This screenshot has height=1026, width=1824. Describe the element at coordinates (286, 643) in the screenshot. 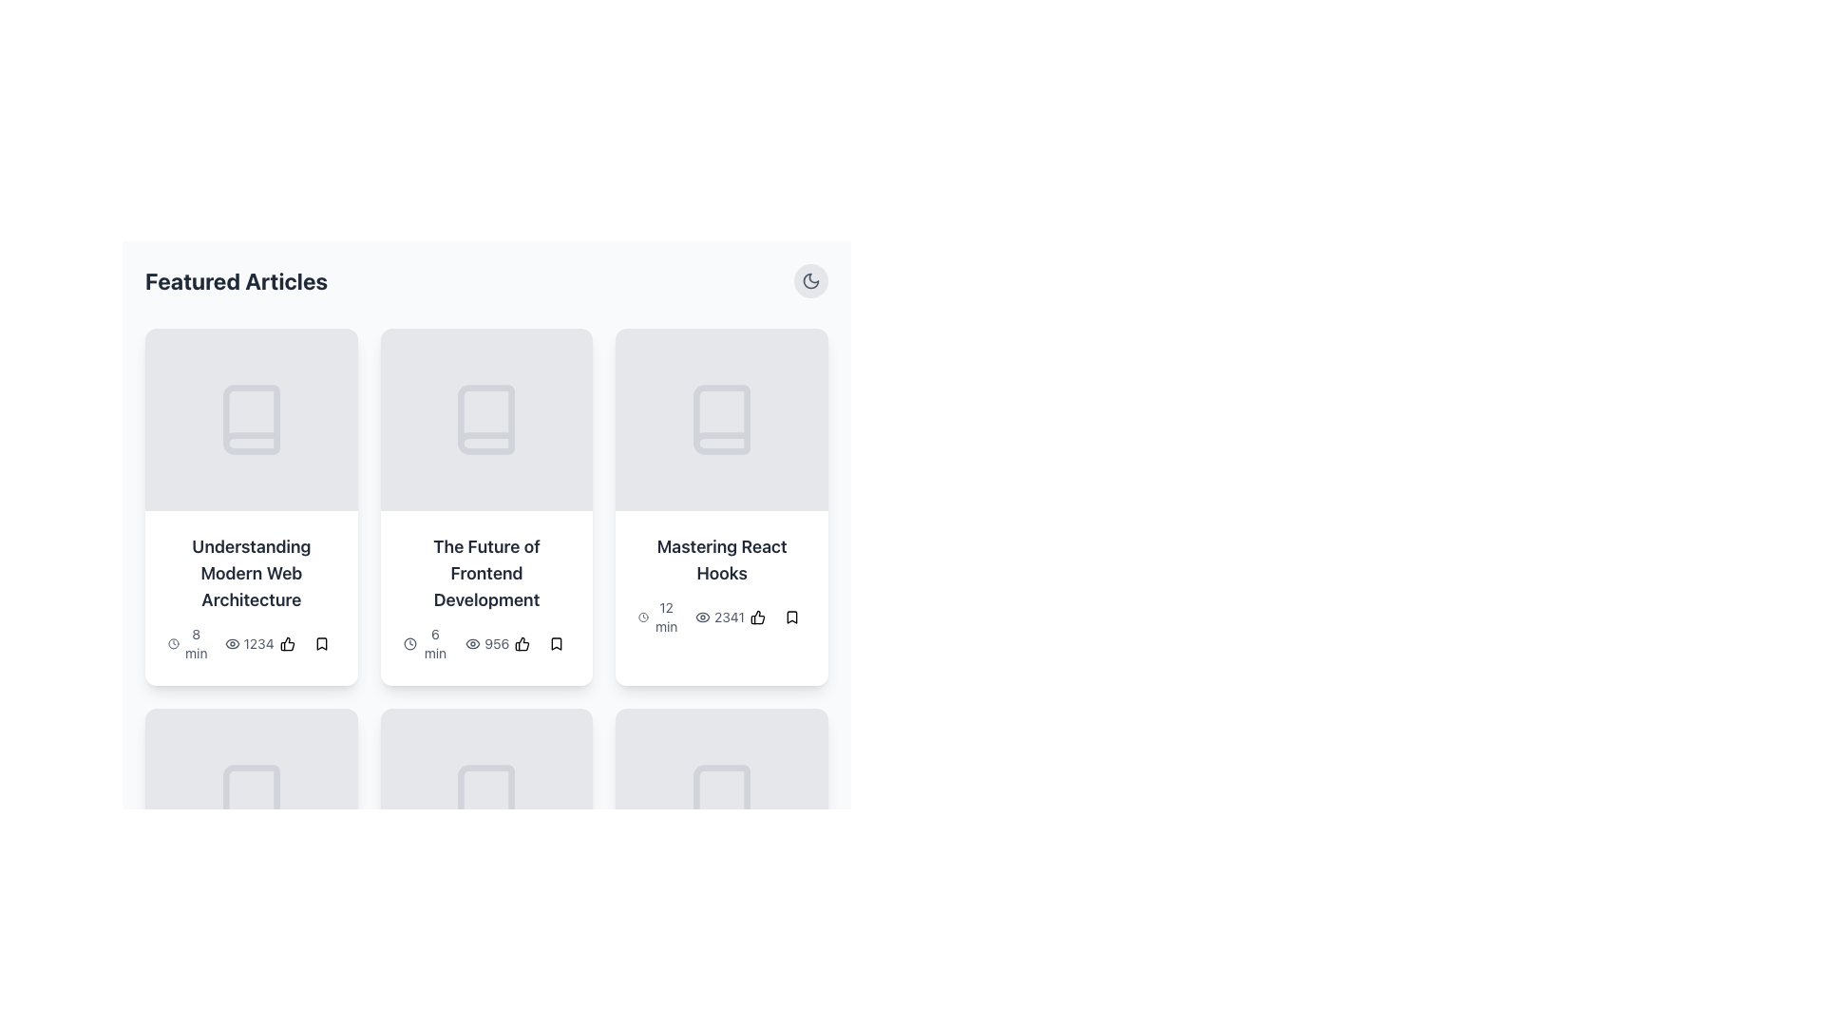

I see `the thumbs-up icon located in the lower right area of the first article card to register a like` at that location.